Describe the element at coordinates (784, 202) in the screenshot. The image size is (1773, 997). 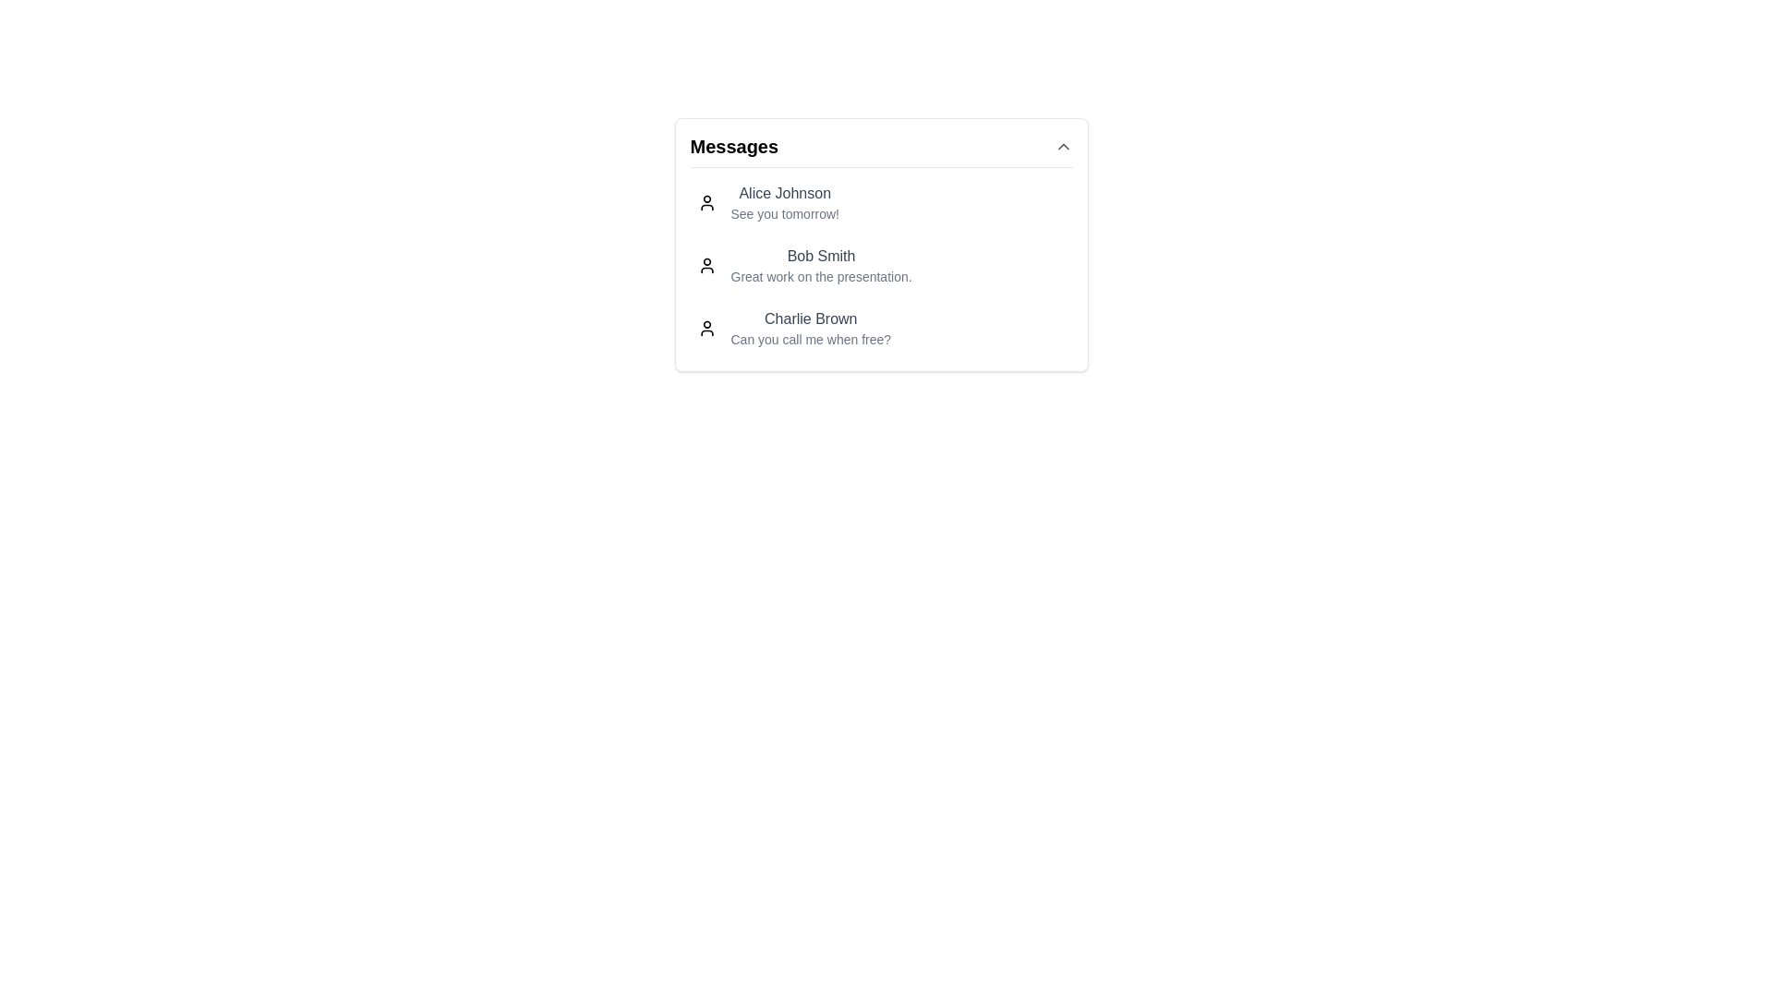
I see `the first list item displaying the sender's name 'Alice Johnson' and the message preview 'See you tomorrow!'` at that location.